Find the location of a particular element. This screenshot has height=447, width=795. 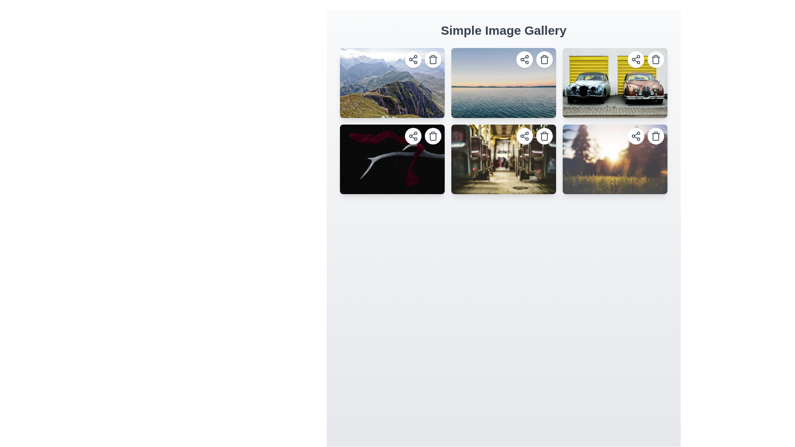

the SVG icon of a share-like symbol, which is part of a circular button located at the top-right corner of an image in the grid is located at coordinates (413, 59).